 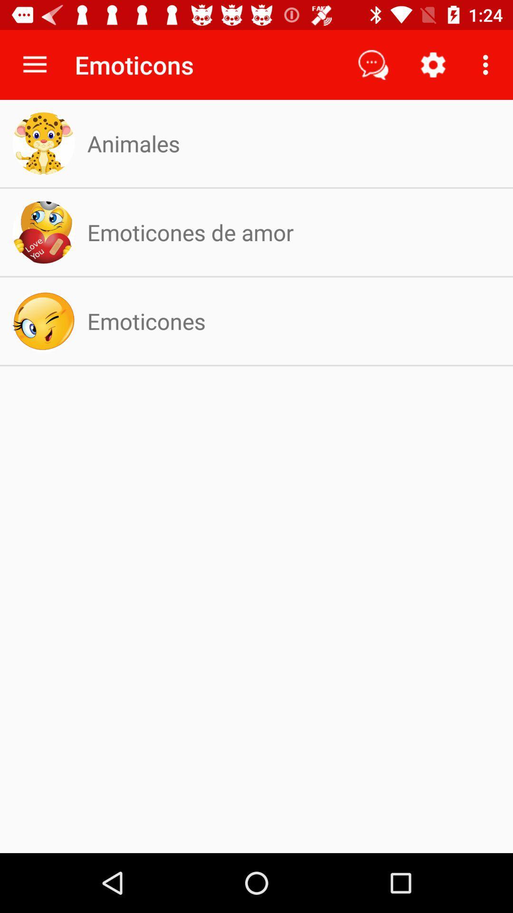 I want to click on animales icon, so click(x=133, y=143).